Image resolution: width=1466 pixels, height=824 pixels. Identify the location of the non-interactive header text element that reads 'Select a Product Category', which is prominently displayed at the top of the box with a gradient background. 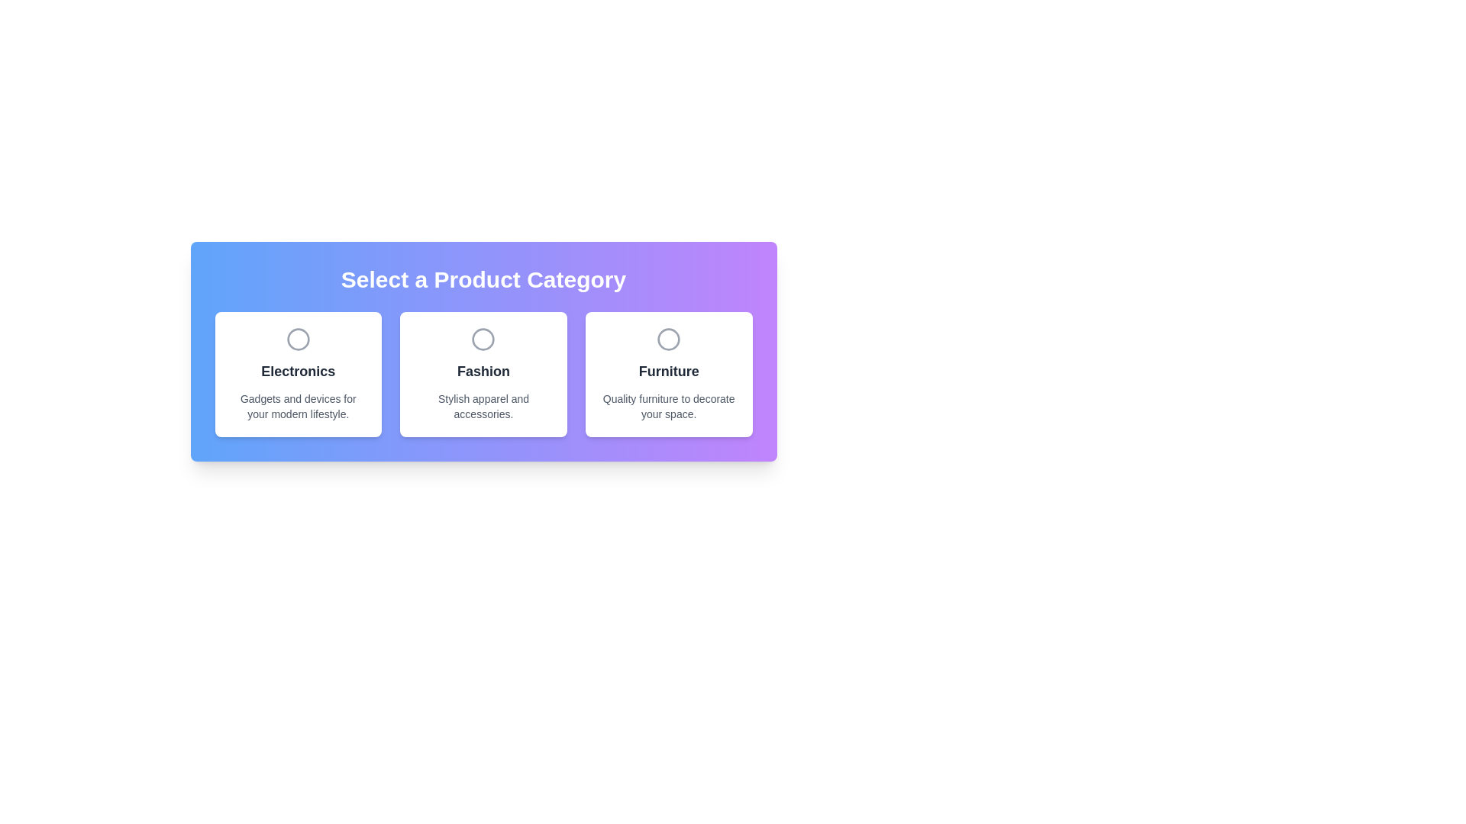
(483, 279).